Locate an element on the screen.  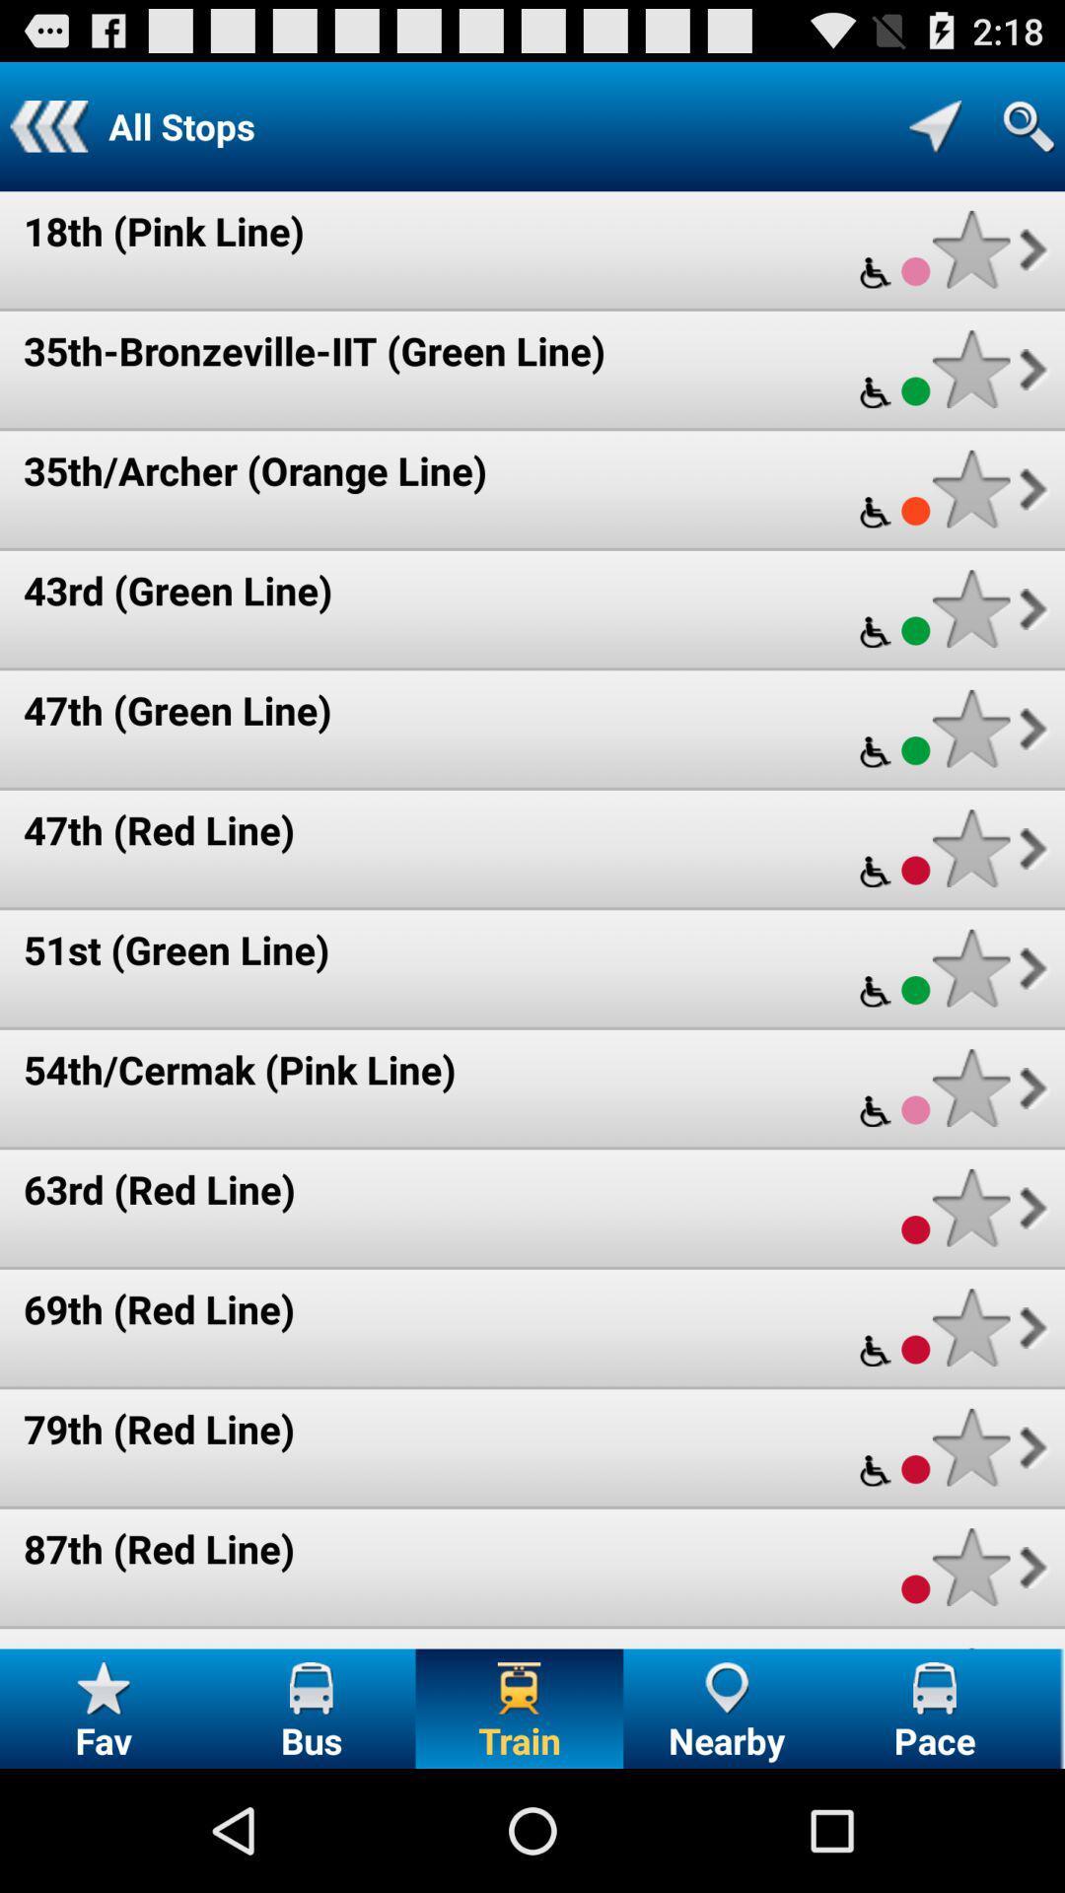
63rd (red line) app is located at coordinates (159, 1188).